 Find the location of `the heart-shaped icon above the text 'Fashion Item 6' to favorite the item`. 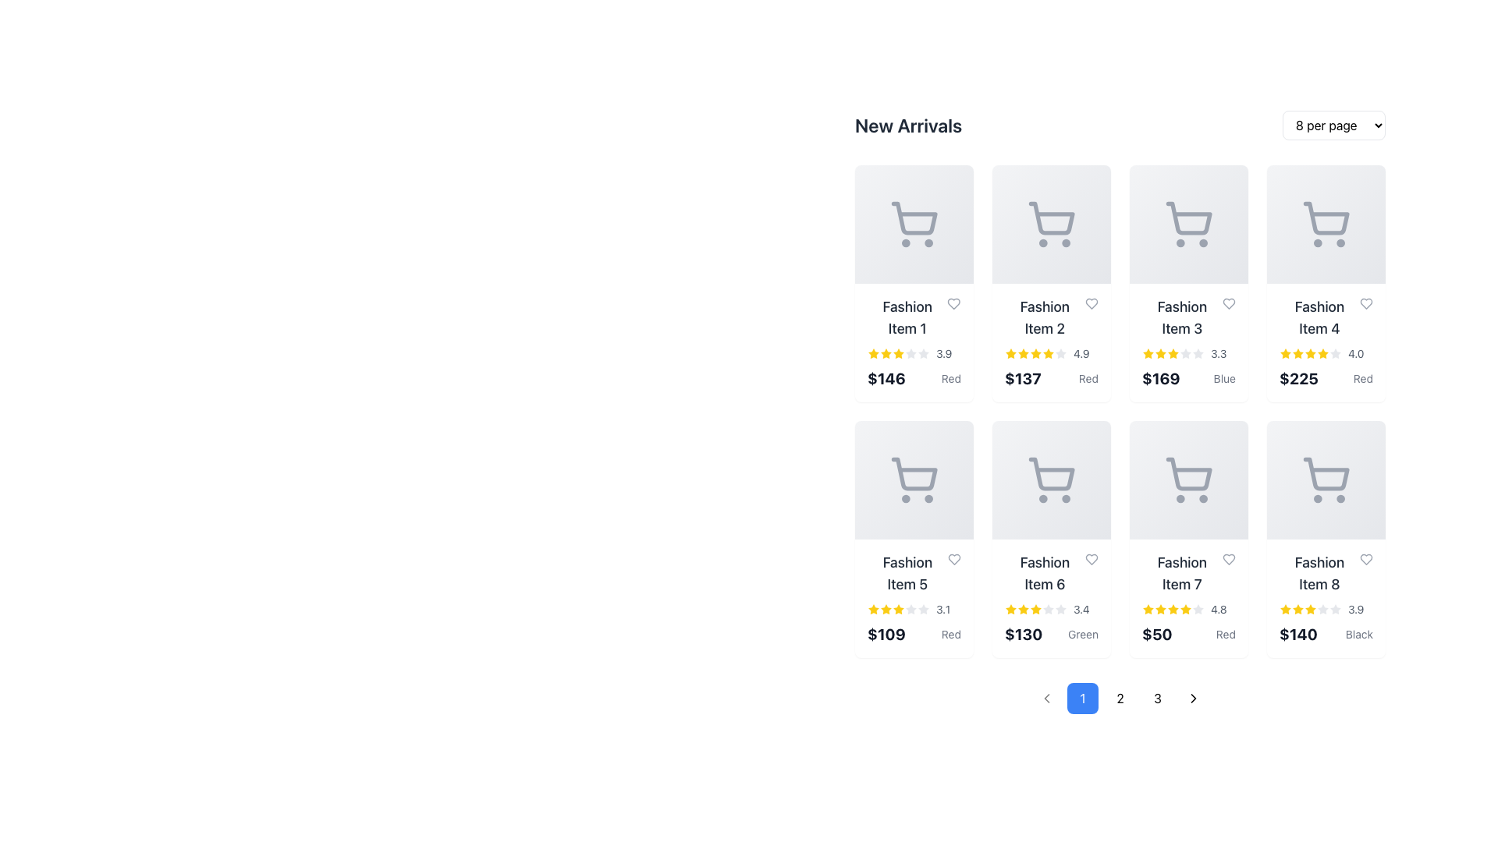

the heart-shaped icon above the text 'Fashion Item 6' to favorite the item is located at coordinates (1090, 558).